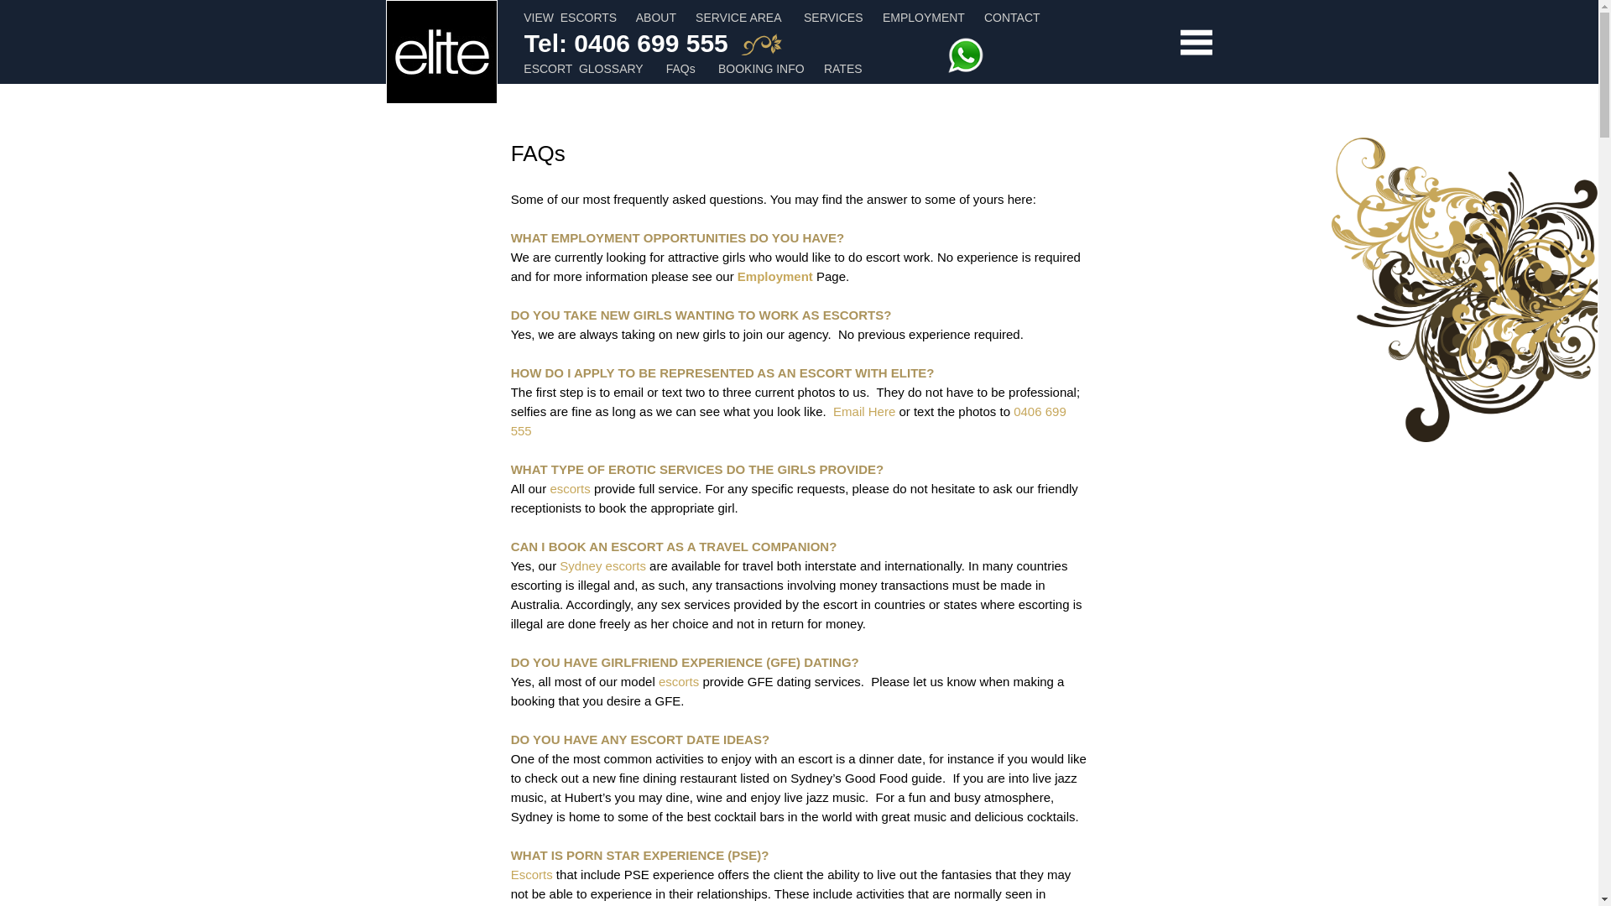 The width and height of the screenshot is (1611, 906). Describe the element at coordinates (864, 411) in the screenshot. I see `'Email Here'` at that location.